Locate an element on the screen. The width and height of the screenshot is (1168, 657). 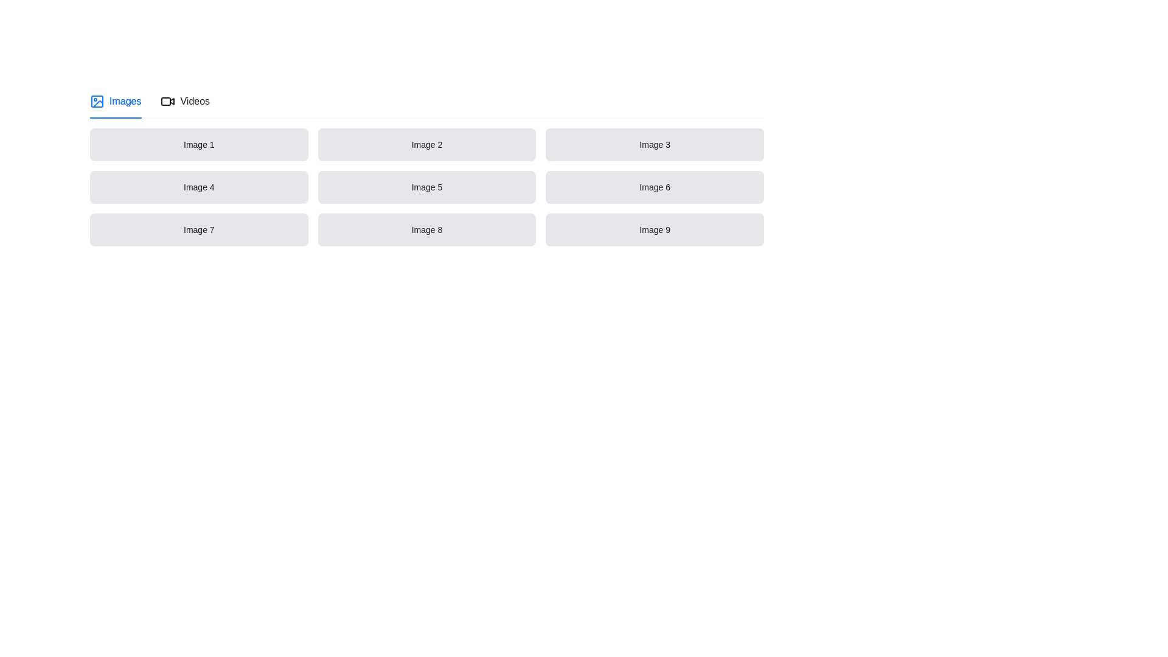
the static text label identified as 'Image 3', which is the third item in a grid layout located to the right of 'Image 1' and 'Image 2' is located at coordinates (654, 144).